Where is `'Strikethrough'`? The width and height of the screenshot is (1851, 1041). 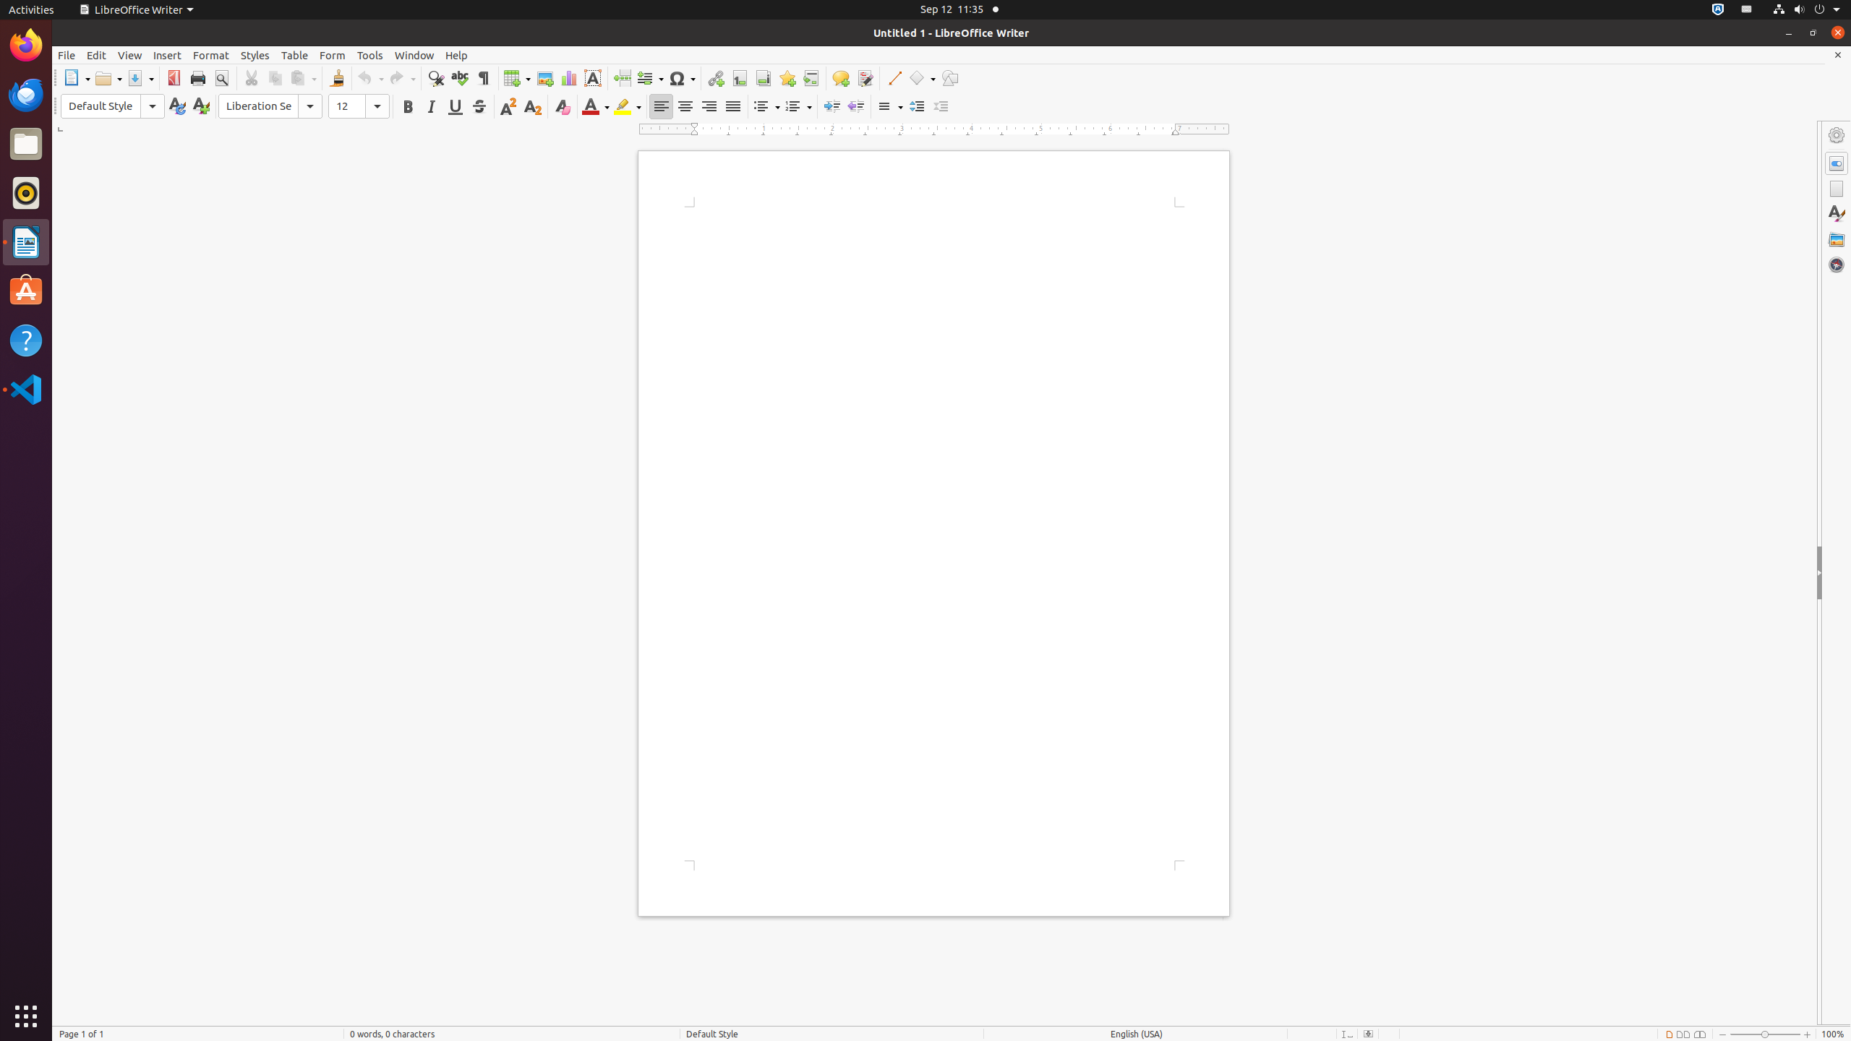 'Strikethrough' is located at coordinates (478, 106).